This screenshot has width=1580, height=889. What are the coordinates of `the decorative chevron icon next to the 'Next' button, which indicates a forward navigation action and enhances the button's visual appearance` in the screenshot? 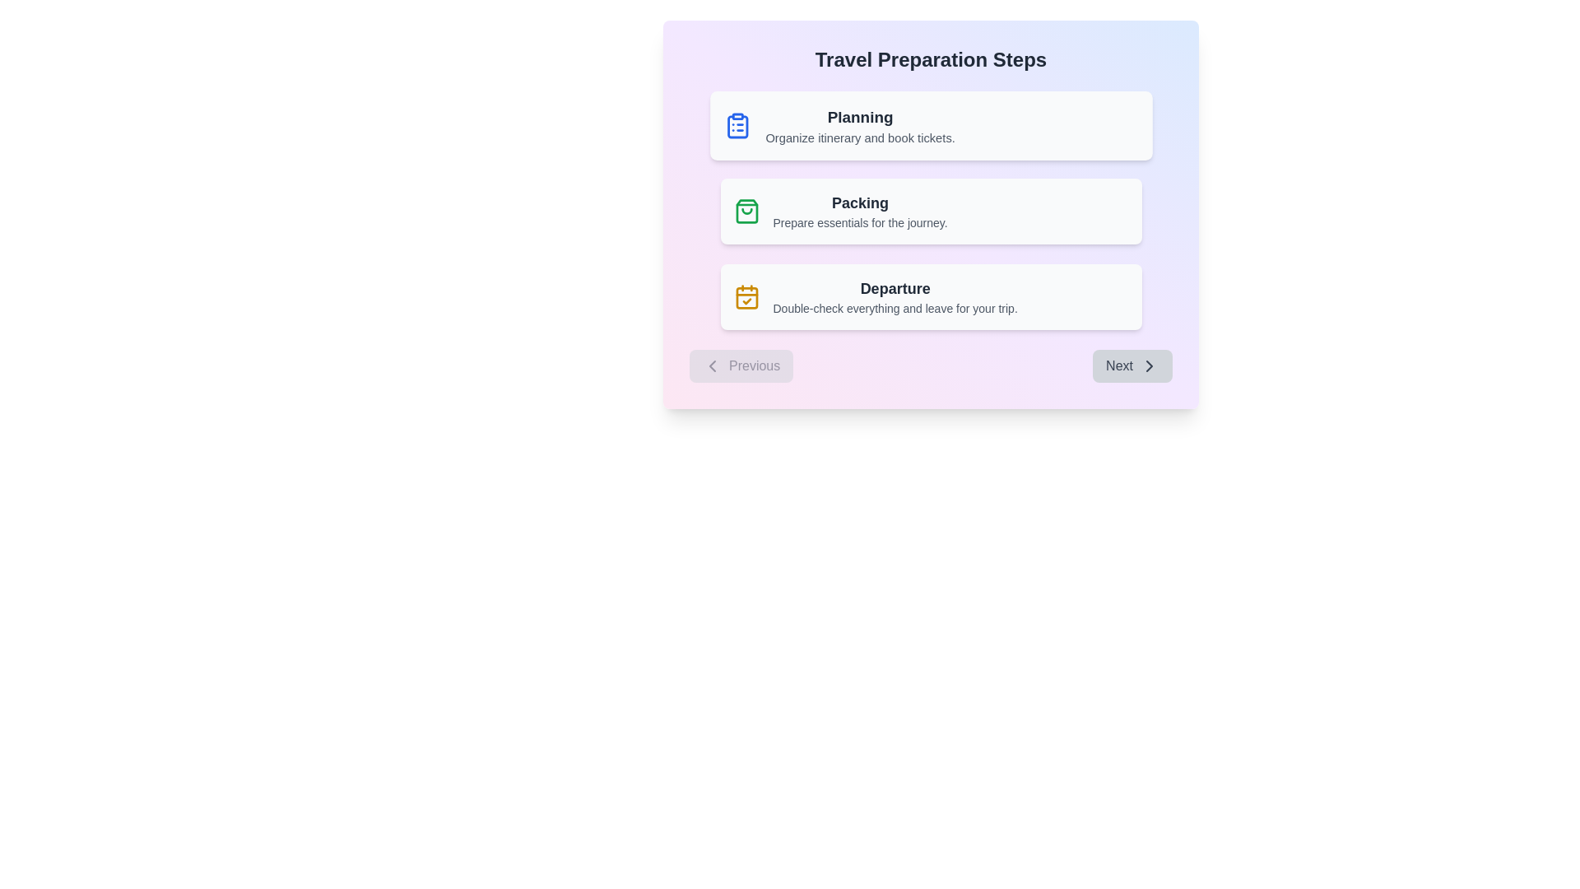 It's located at (1148, 365).